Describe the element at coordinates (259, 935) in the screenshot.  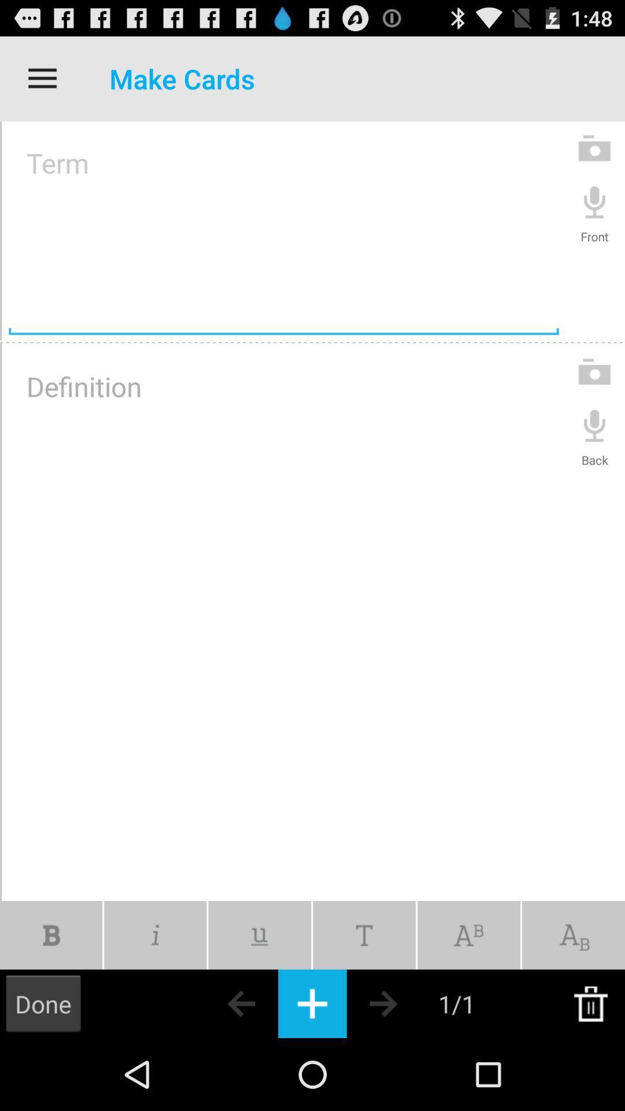
I see `shows underlined icon` at that location.